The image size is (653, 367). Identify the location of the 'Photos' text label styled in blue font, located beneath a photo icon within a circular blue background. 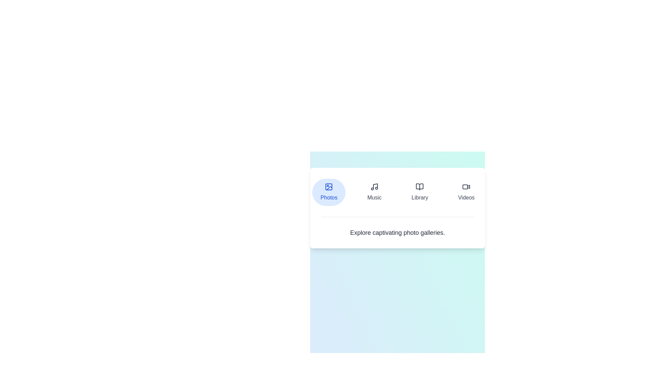
(329, 198).